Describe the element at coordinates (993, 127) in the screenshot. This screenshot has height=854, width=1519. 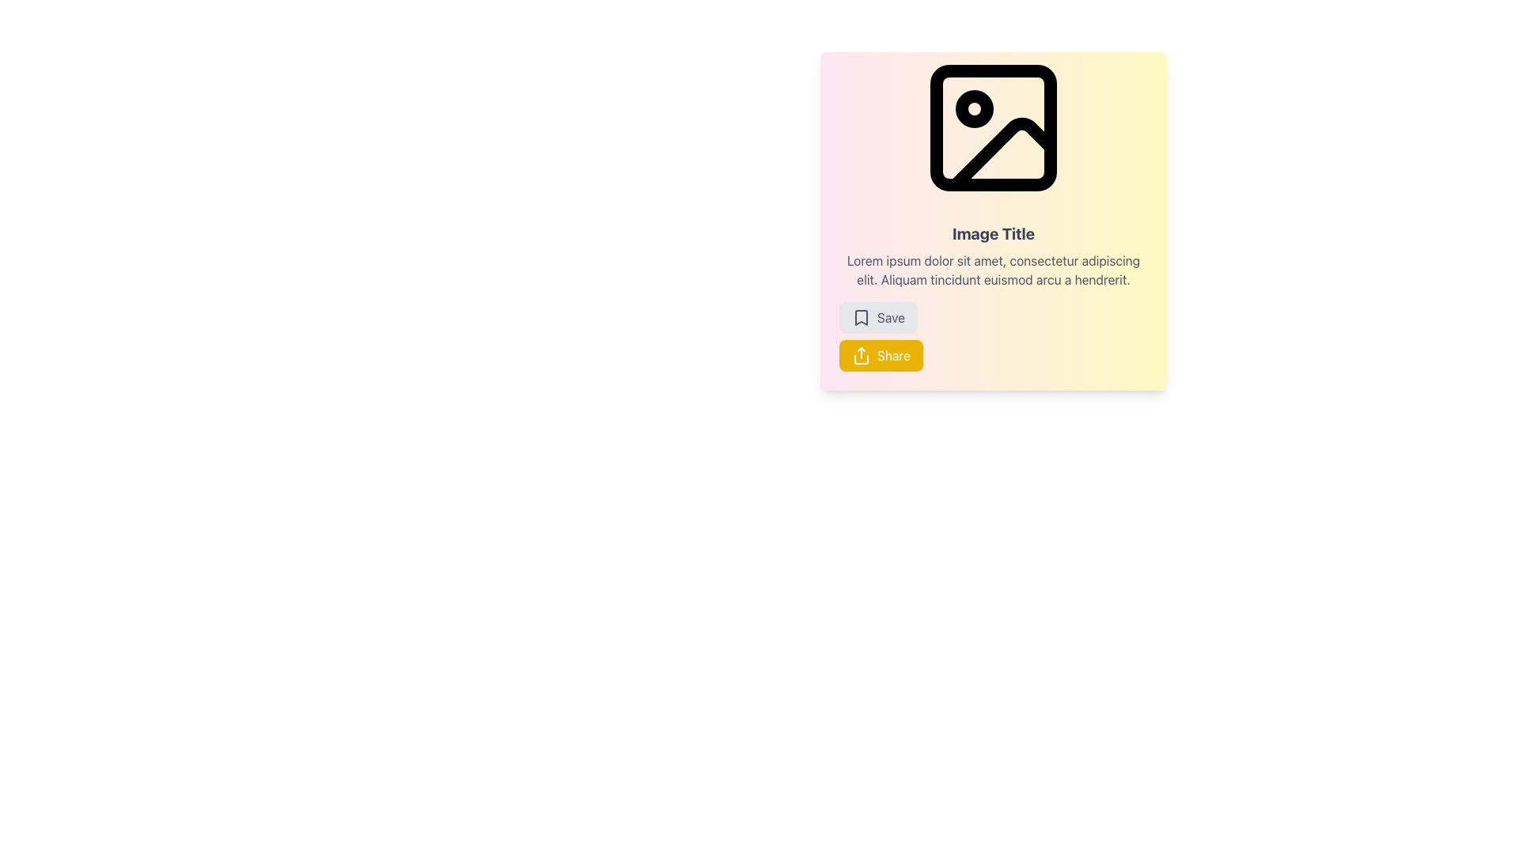
I see `the small rounded rectangle element within the icon in the header of the card component` at that location.